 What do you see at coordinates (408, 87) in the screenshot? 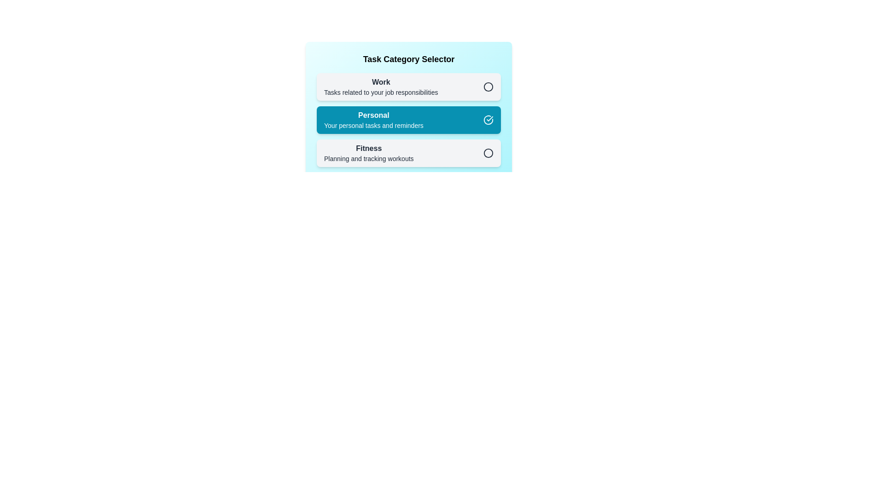
I see `the category Work` at bounding box center [408, 87].